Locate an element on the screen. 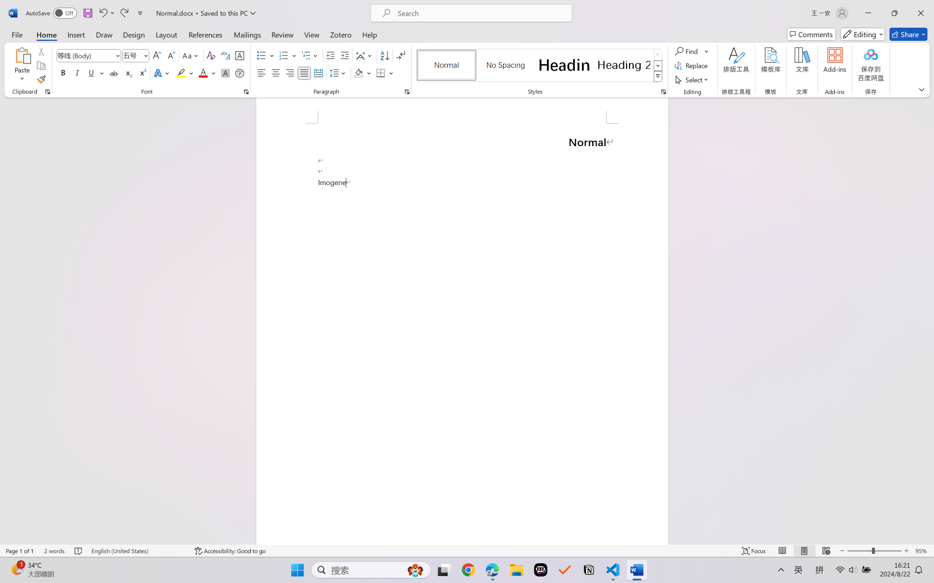 Image resolution: width=934 pixels, height=583 pixels. 'Shading' is located at coordinates (362, 72).